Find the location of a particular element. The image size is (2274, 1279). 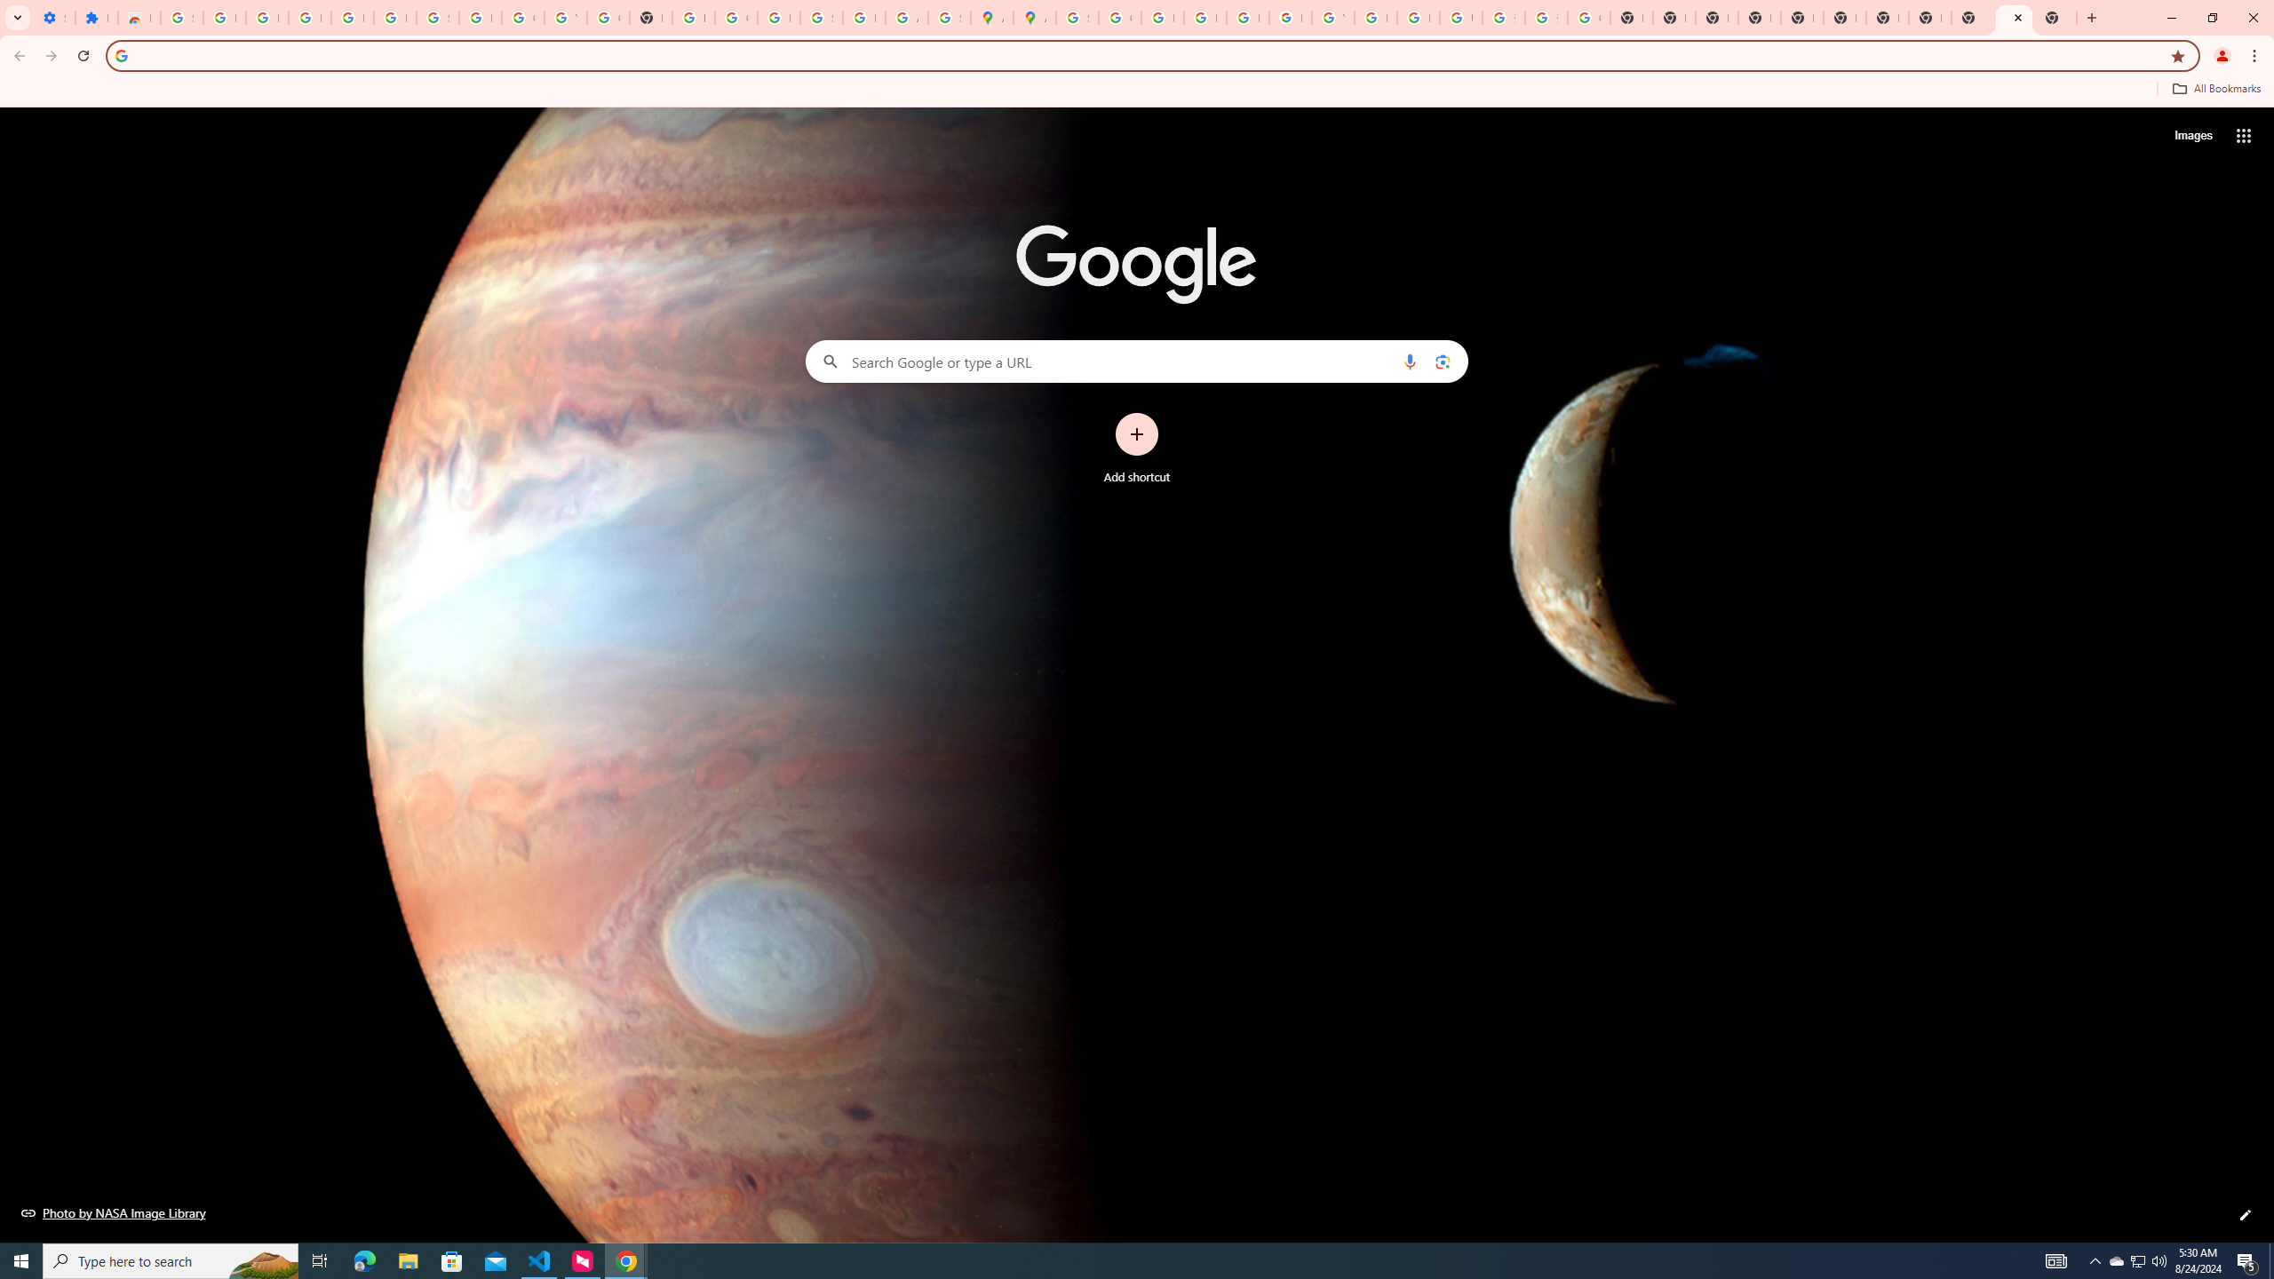

'Reviews: Helix Fruit Jump Arcade Game' is located at coordinates (138, 17).